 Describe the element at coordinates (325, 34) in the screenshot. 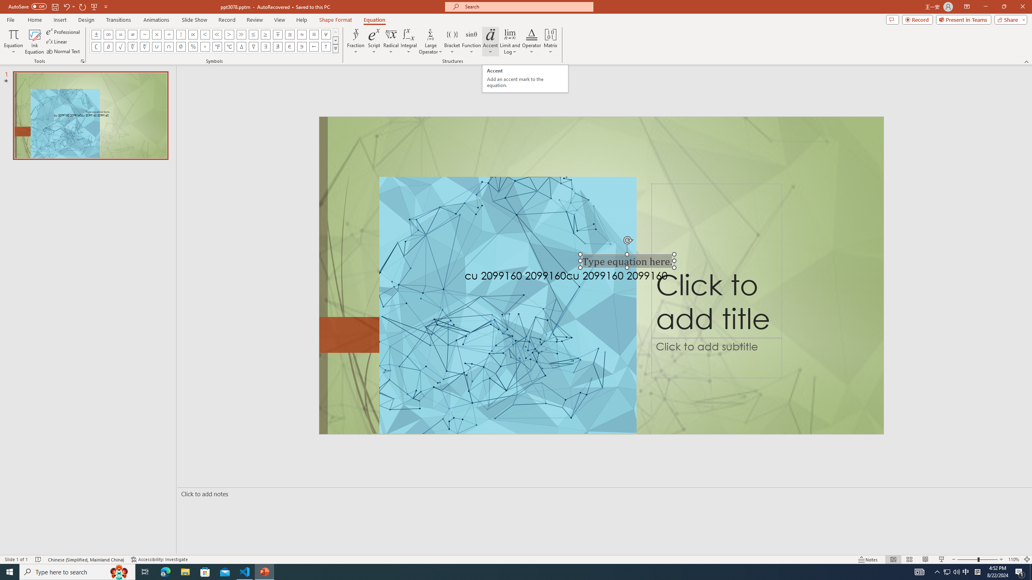

I see `'Equation Symbol For All'` at that location.